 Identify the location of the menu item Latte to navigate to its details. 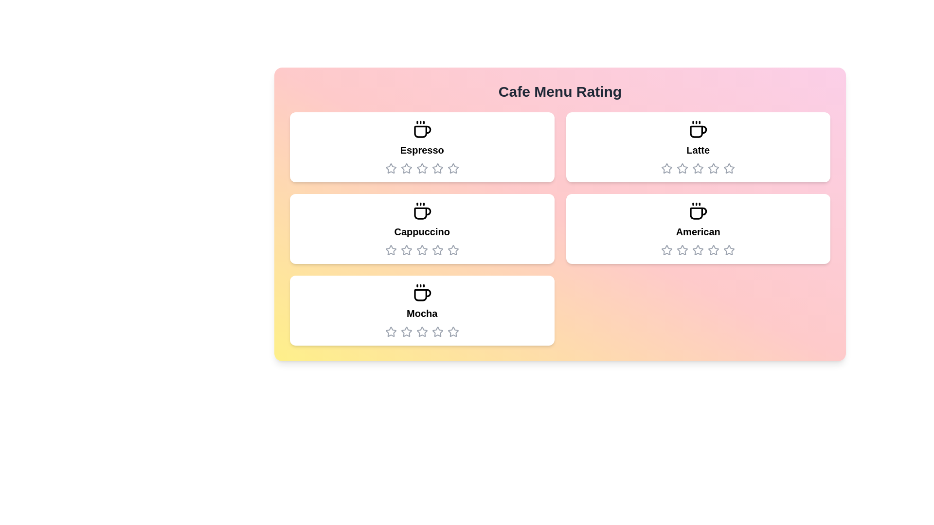
(698, 147).